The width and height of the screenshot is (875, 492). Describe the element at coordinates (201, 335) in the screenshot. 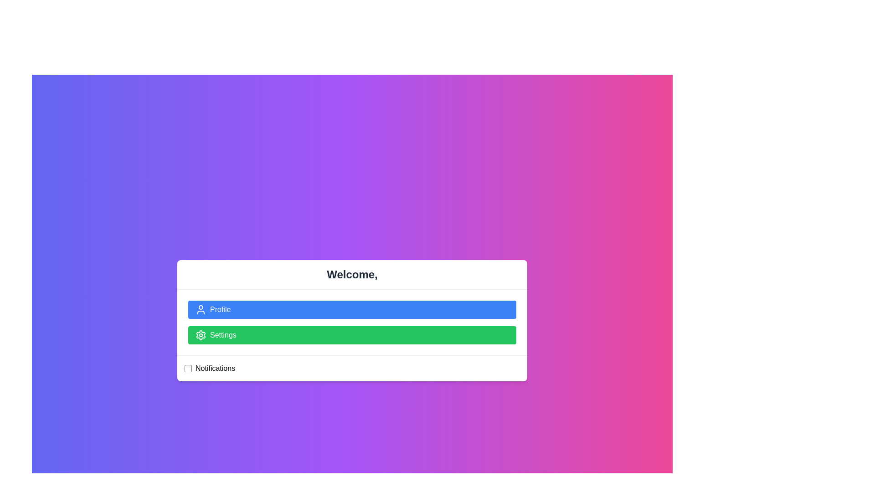

I see `the 'Settings' icon located on the left side of the green button labeled 'Settings' in the vertical stack beneath the 'Welcome' heading` at that location.